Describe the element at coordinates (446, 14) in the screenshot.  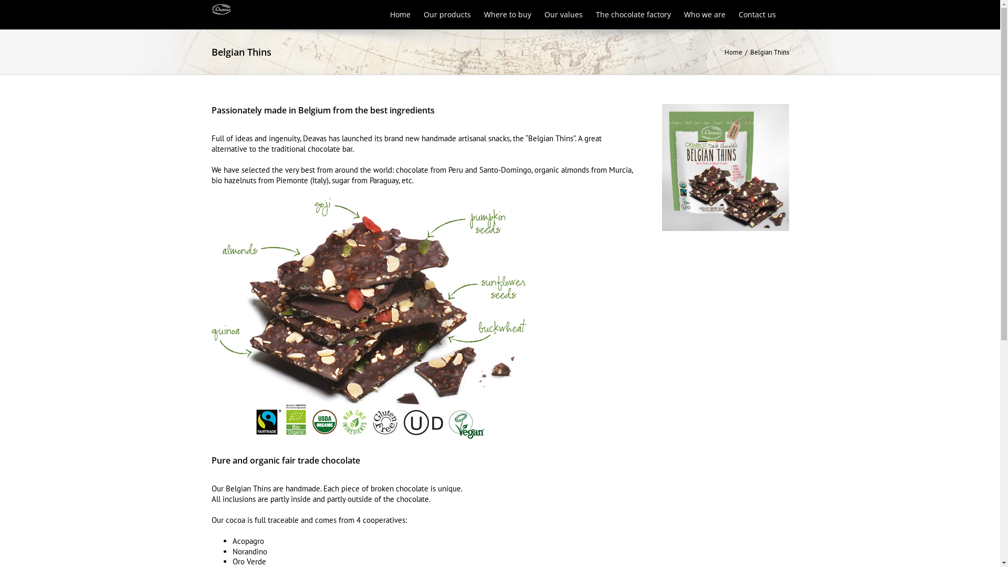
I see `'Our products'` at that location.